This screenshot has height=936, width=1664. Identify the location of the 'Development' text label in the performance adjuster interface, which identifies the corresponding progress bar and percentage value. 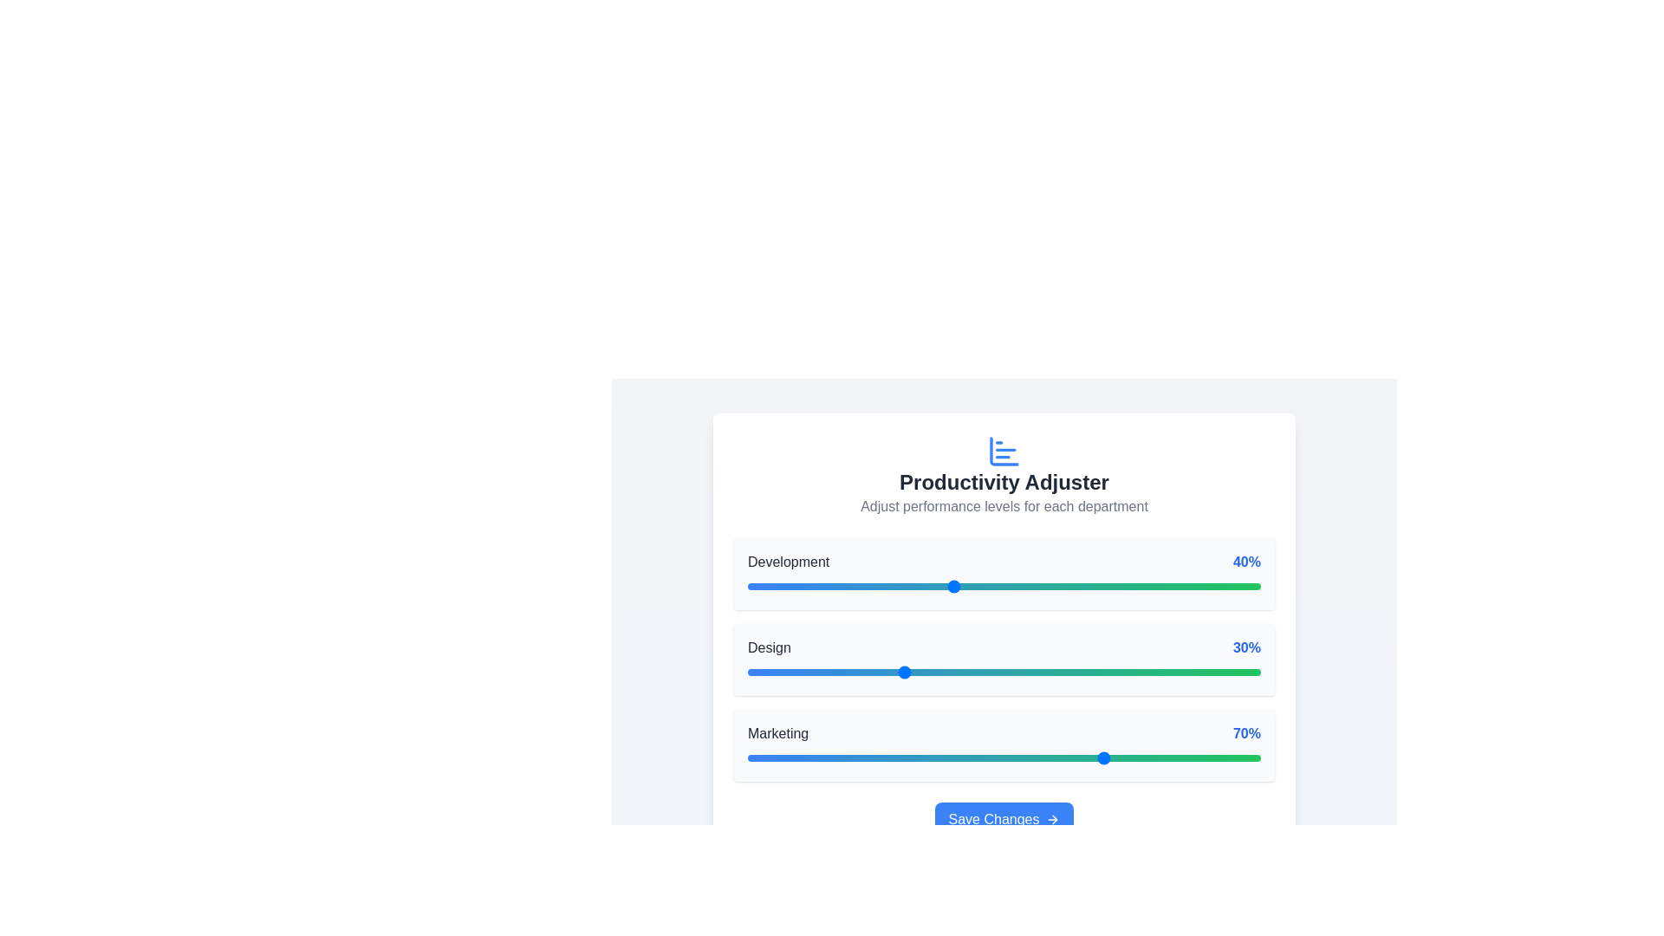
(788, 562).